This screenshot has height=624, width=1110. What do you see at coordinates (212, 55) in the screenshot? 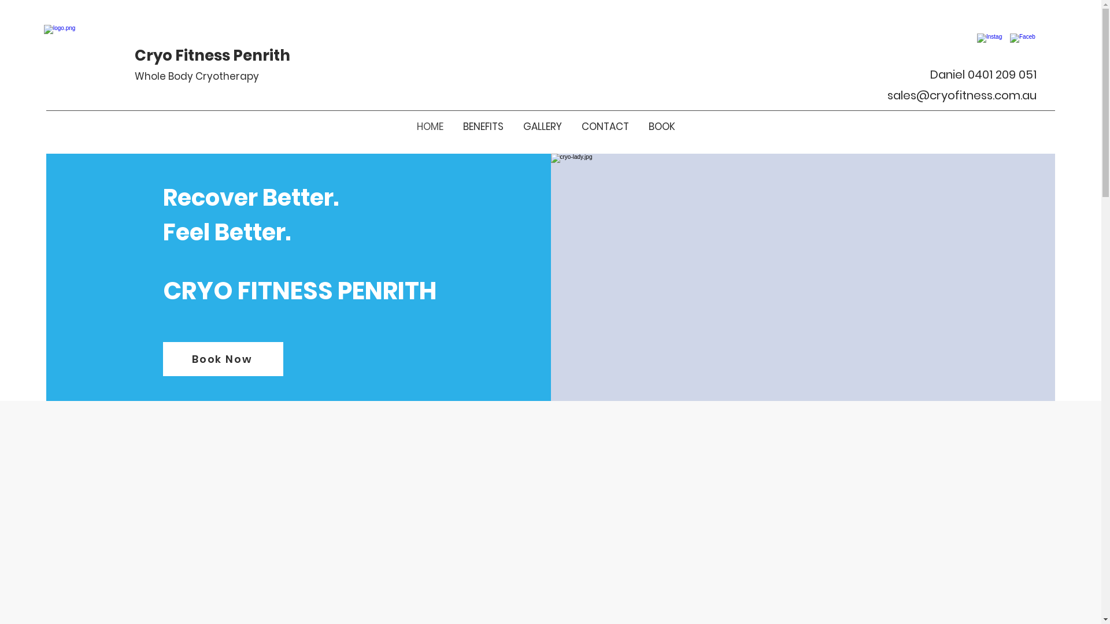
I see `'Cryo Fitness Penrith'` at bounding box center [212, 55].